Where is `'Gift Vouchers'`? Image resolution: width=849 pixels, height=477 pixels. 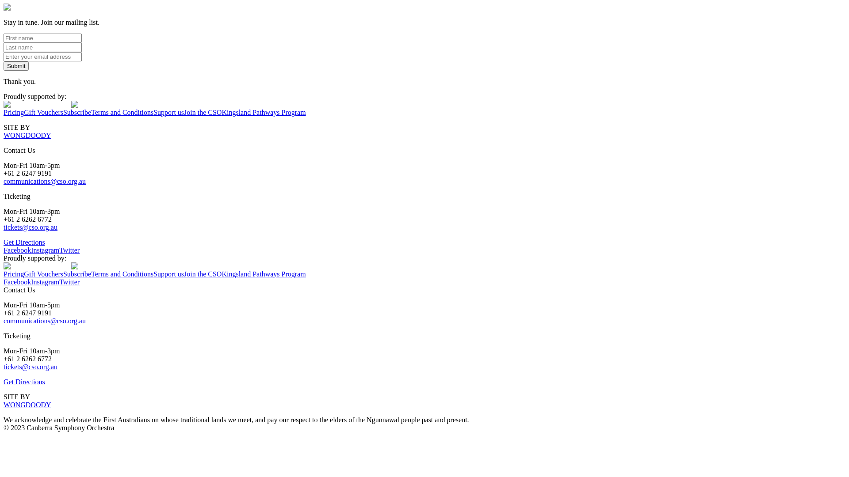
'Gift Vouchers' is located at coordinates (43, 273).